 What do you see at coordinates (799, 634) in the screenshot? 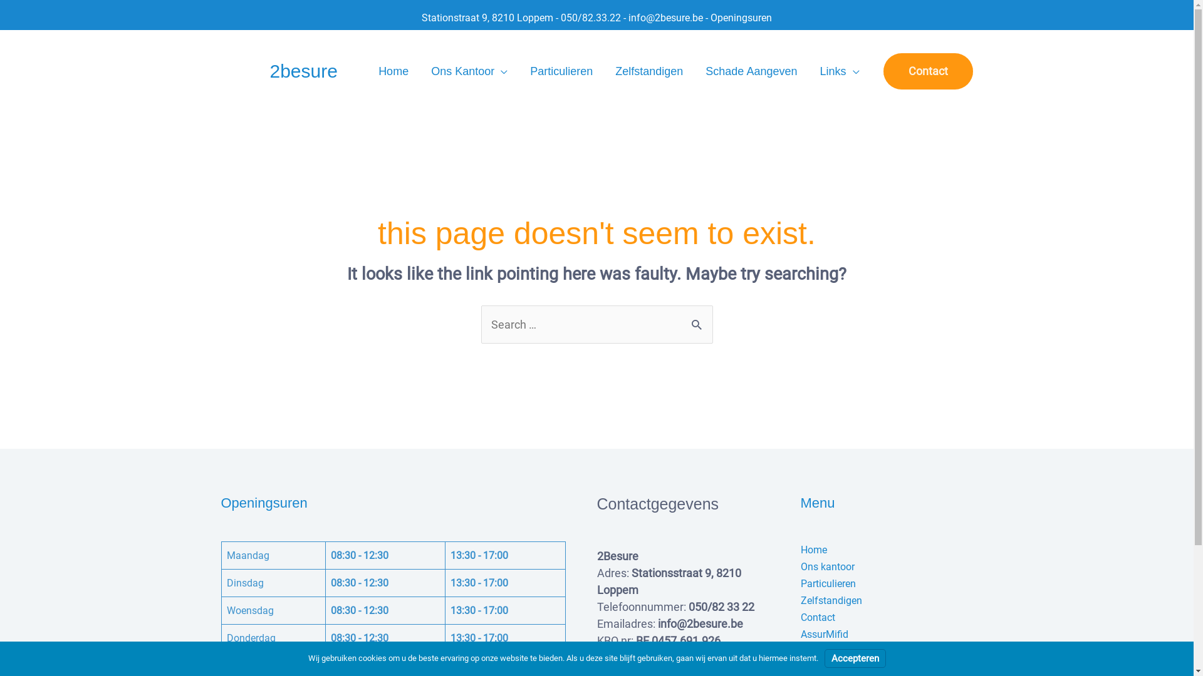
I see `'AssurMifid'` at bounding box center [799, 634].